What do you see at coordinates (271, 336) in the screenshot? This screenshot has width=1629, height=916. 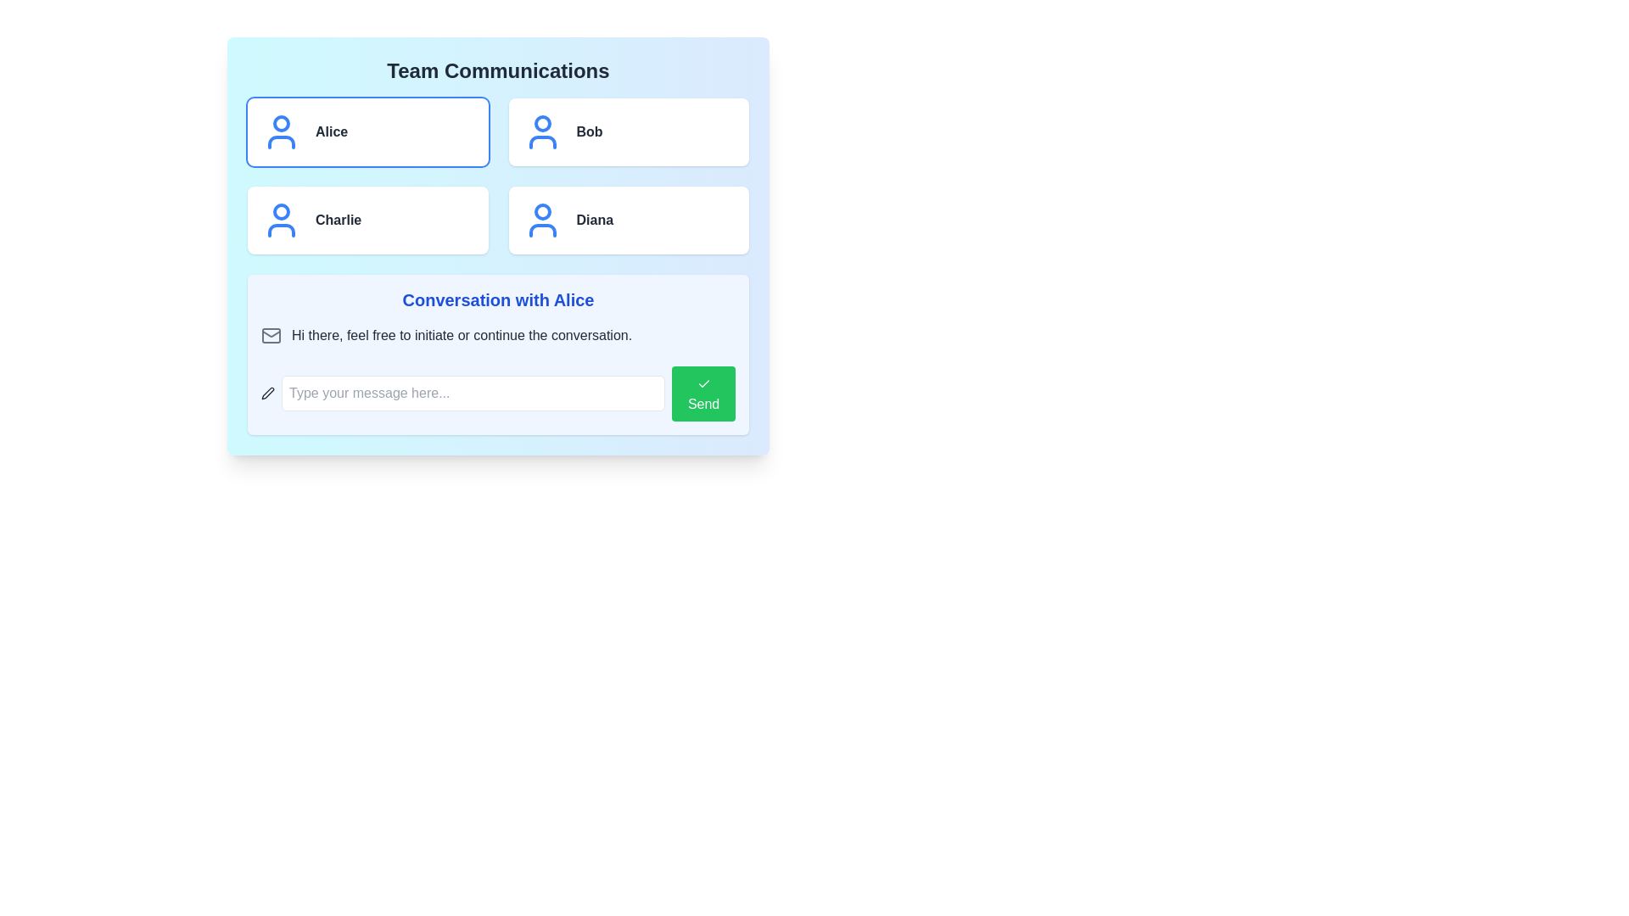 I see `the graphical shape representing the body of the email envelope within the email icon, located to the left of the text 'Hi there, feel free to initiate or continue the conversation.'` at bounding box center [271, 336].